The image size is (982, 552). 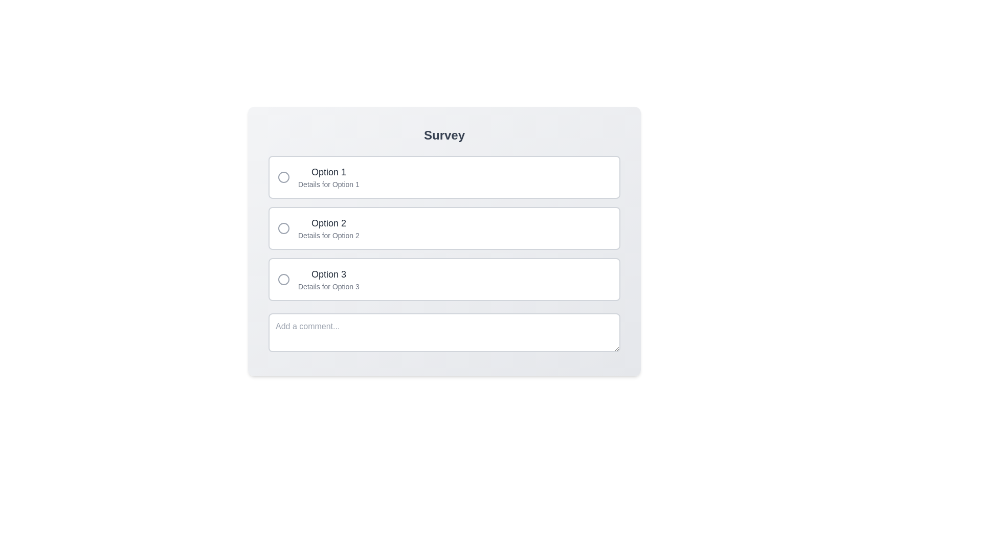 I want to click on the second selectable list item within the survey, so click(x=444, y=228).